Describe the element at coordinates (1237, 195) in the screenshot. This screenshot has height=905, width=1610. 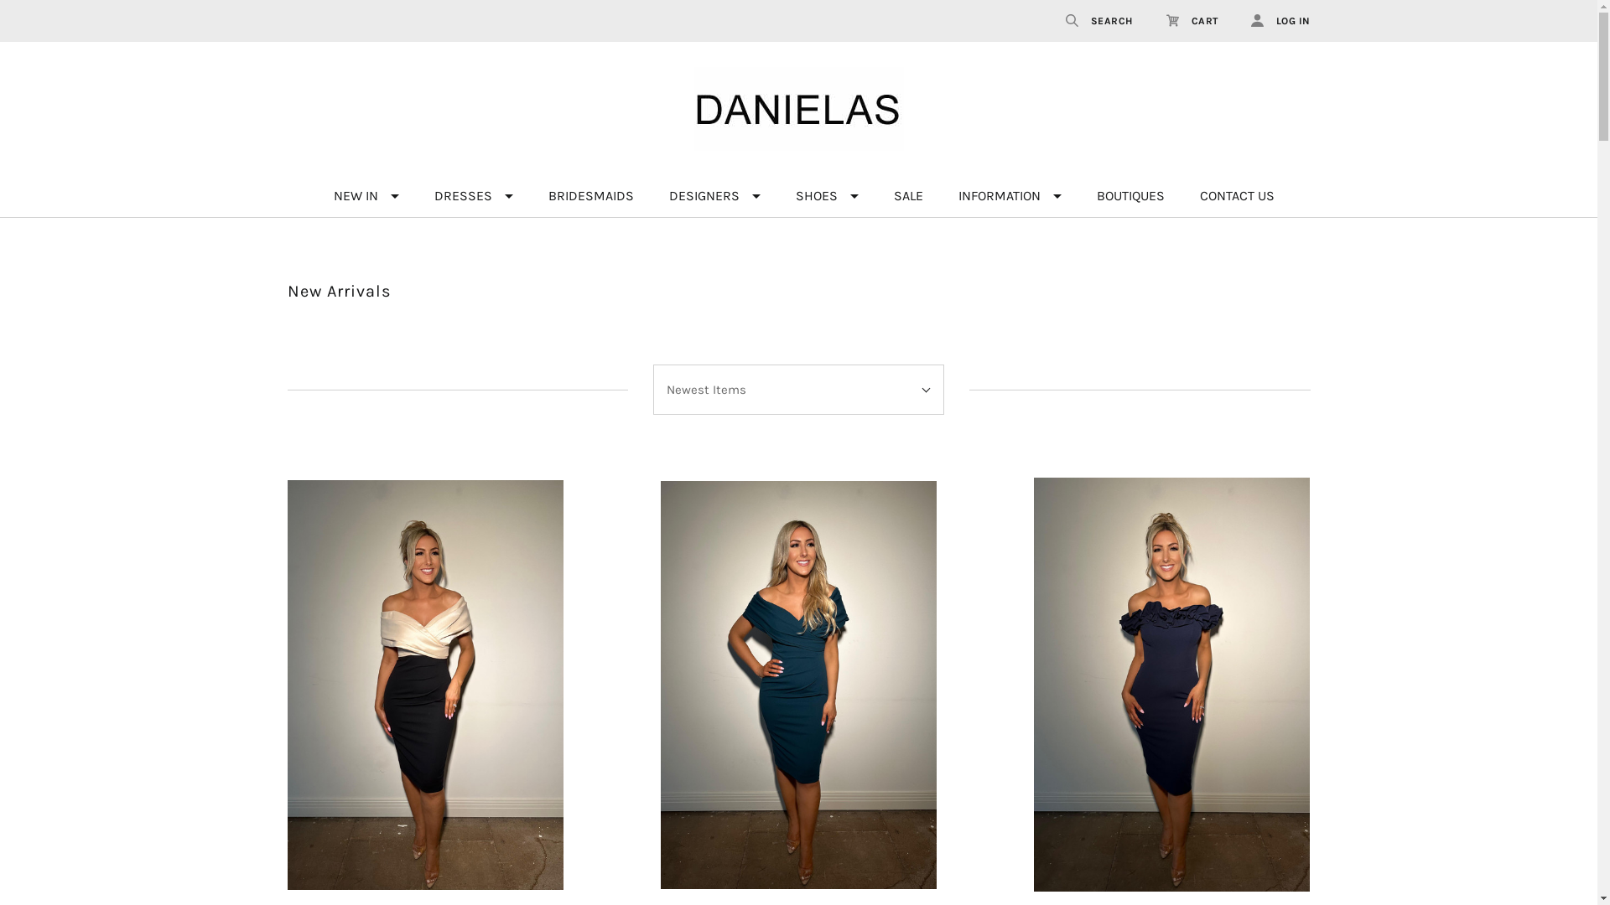
I see `'CONTACT US'` at that location.